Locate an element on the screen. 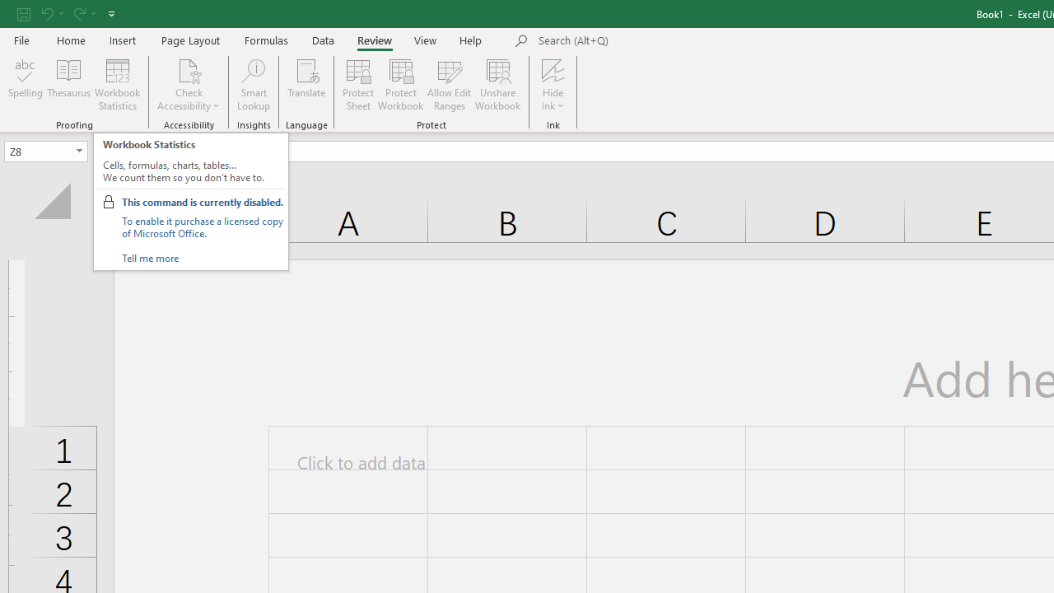 The height and width of the screenshot is (593, 1054). 'Allow Edit Ranges' is located at coordinates (449, 85).